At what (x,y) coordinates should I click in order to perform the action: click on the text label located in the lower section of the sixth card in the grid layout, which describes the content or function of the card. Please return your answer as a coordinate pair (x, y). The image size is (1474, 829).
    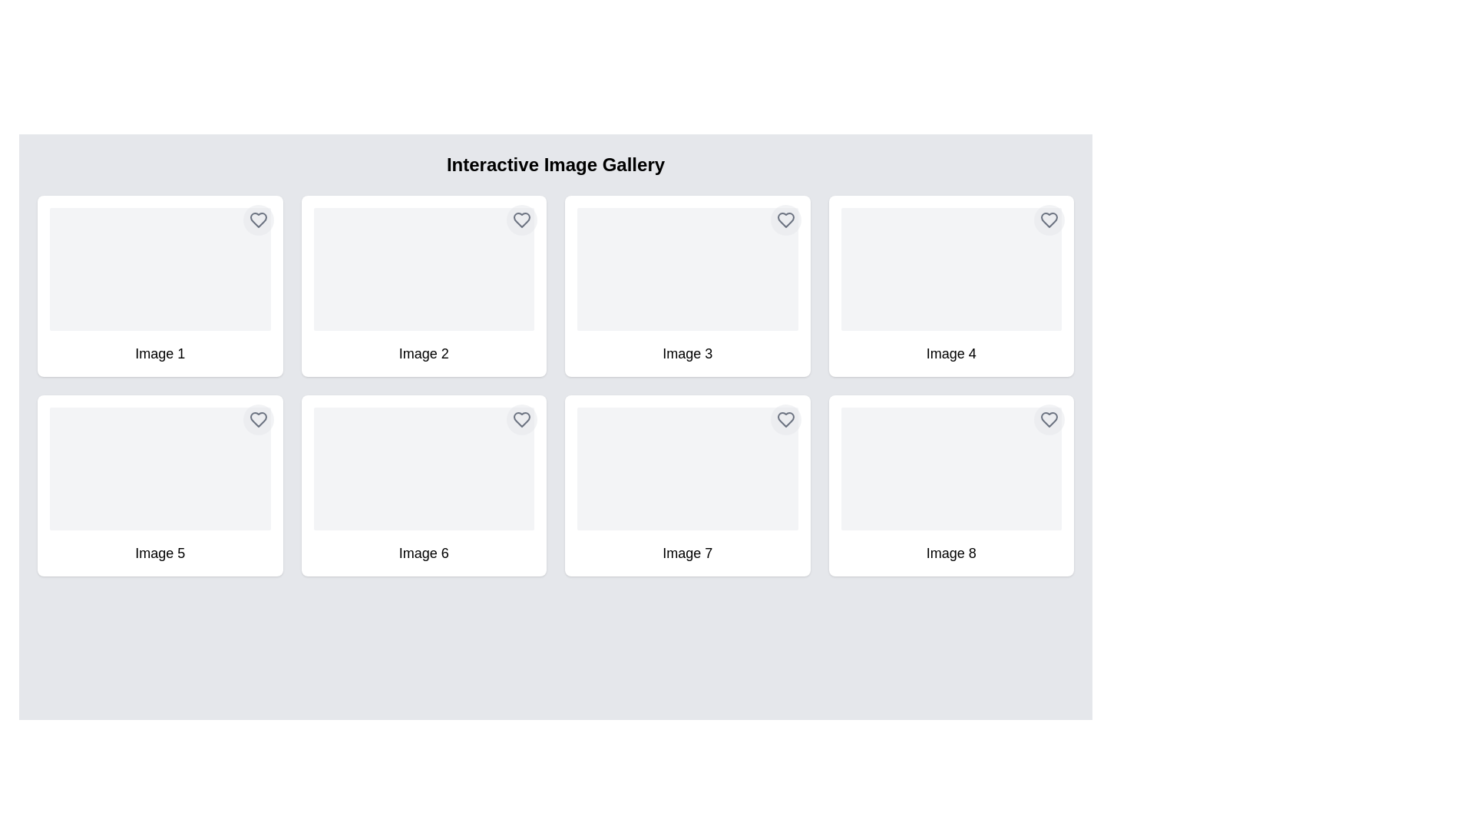
    Looking at the image, I should click on (424, 553).